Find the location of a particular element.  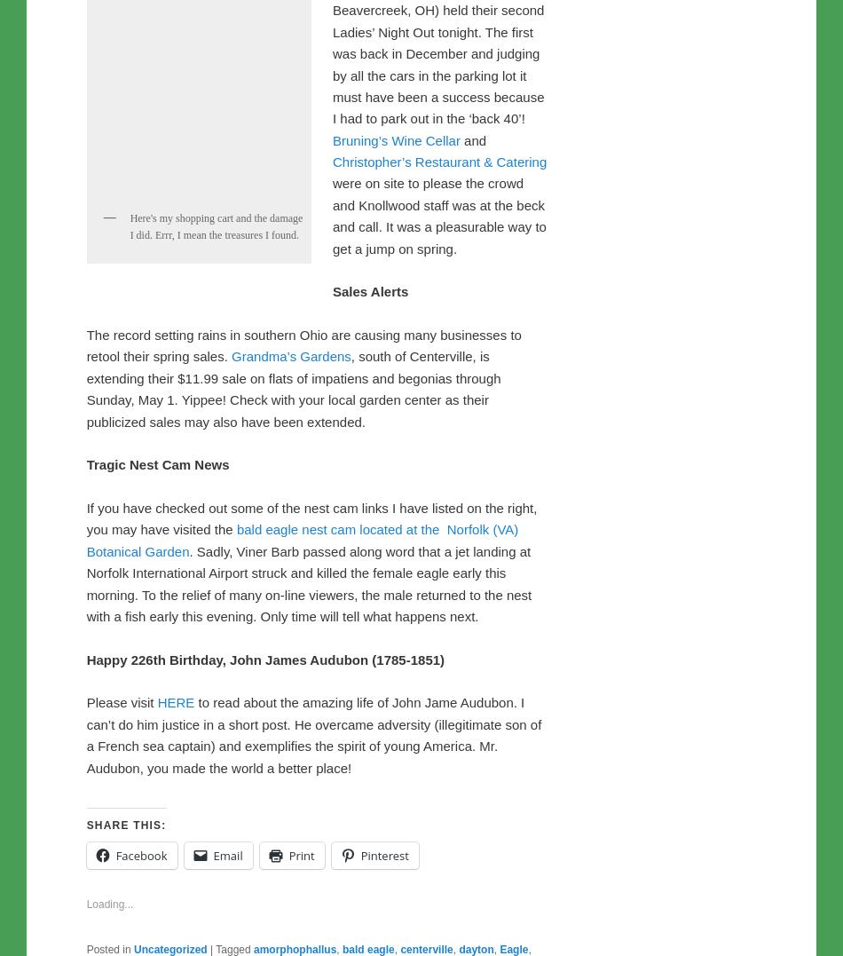

'Beavercreek, OH) held their second Ladies’ Night Out tonight. The first was back in December and judging by all the cars in the parking lot it must have been a success because I had to park out in the ‘back 40’!' is located at coordinates (438, 436).